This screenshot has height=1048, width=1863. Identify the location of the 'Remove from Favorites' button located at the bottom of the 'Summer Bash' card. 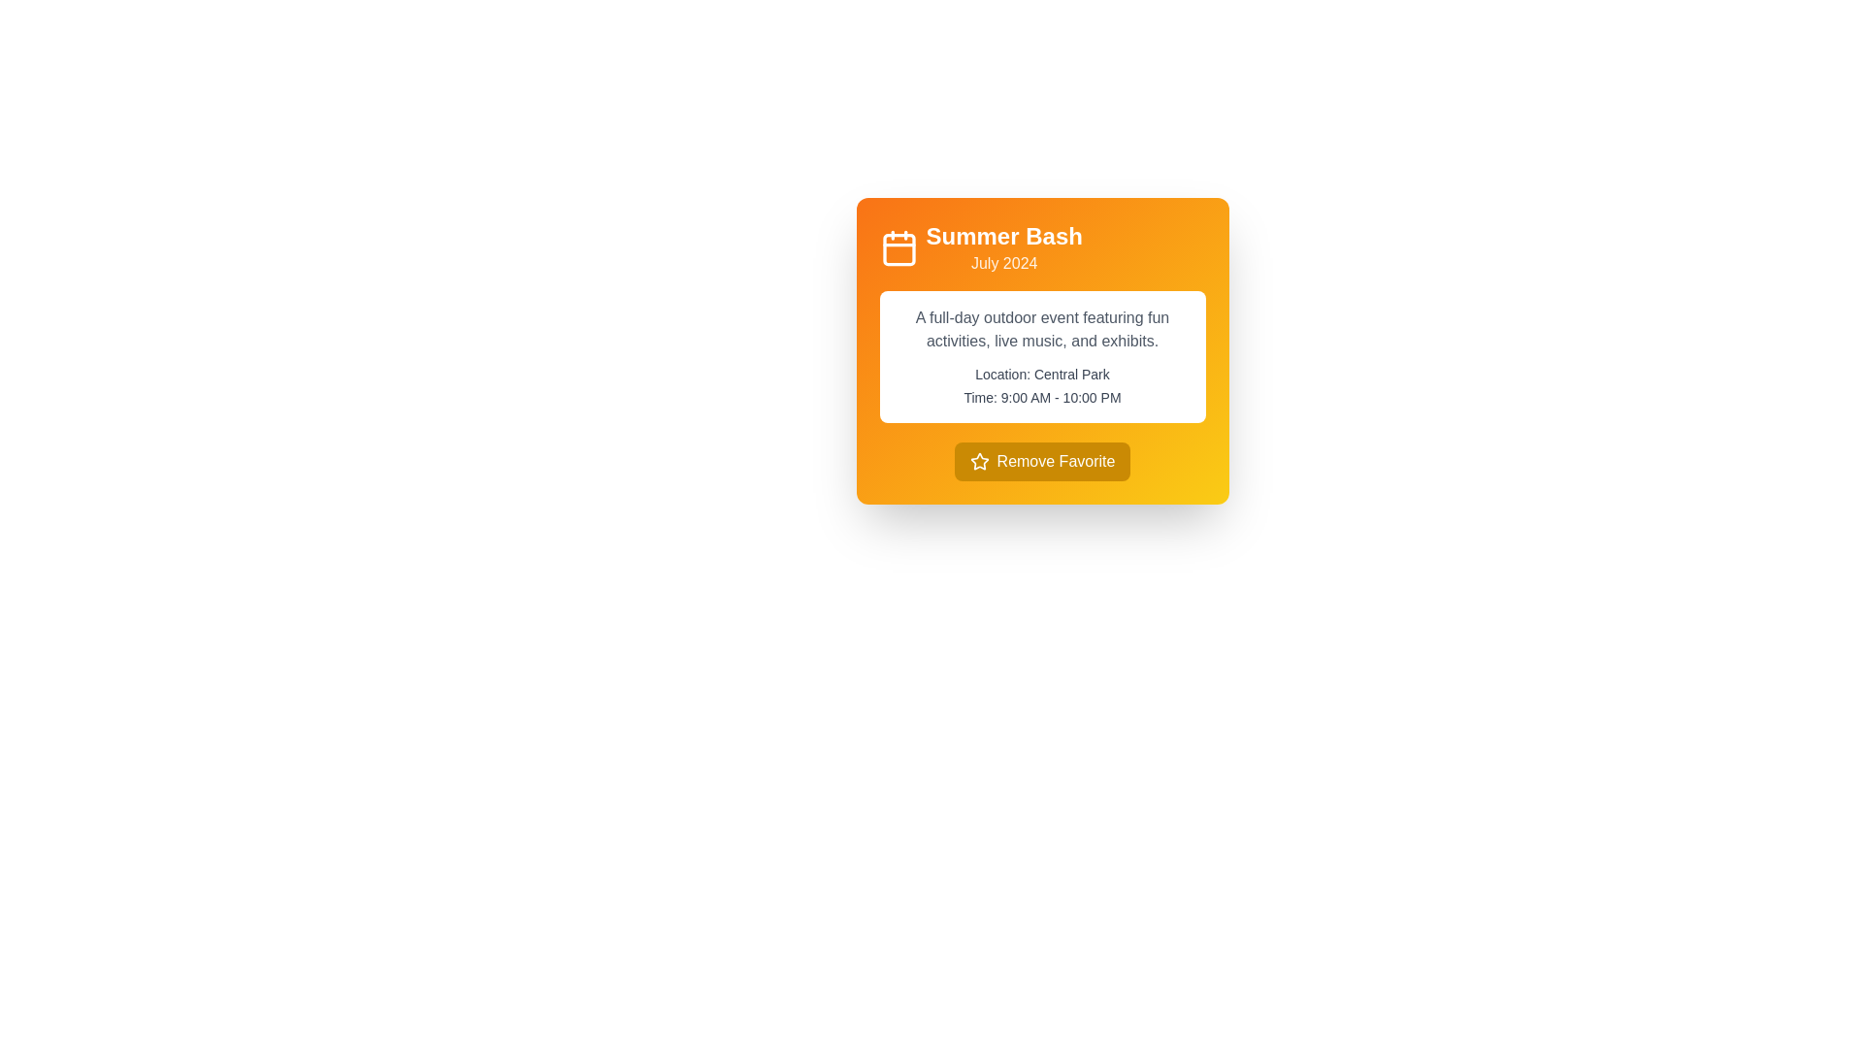
(1041, 461).